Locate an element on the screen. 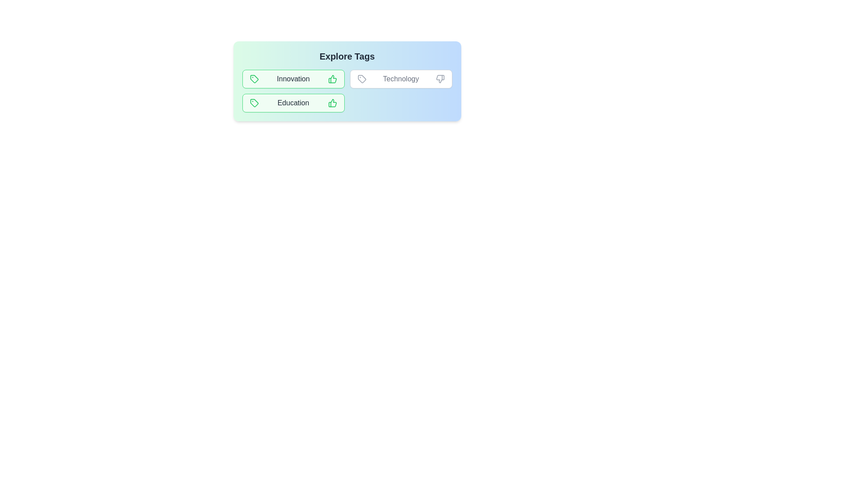  the tag Technology to observe its styling changes is located at coordinates (400, 78).